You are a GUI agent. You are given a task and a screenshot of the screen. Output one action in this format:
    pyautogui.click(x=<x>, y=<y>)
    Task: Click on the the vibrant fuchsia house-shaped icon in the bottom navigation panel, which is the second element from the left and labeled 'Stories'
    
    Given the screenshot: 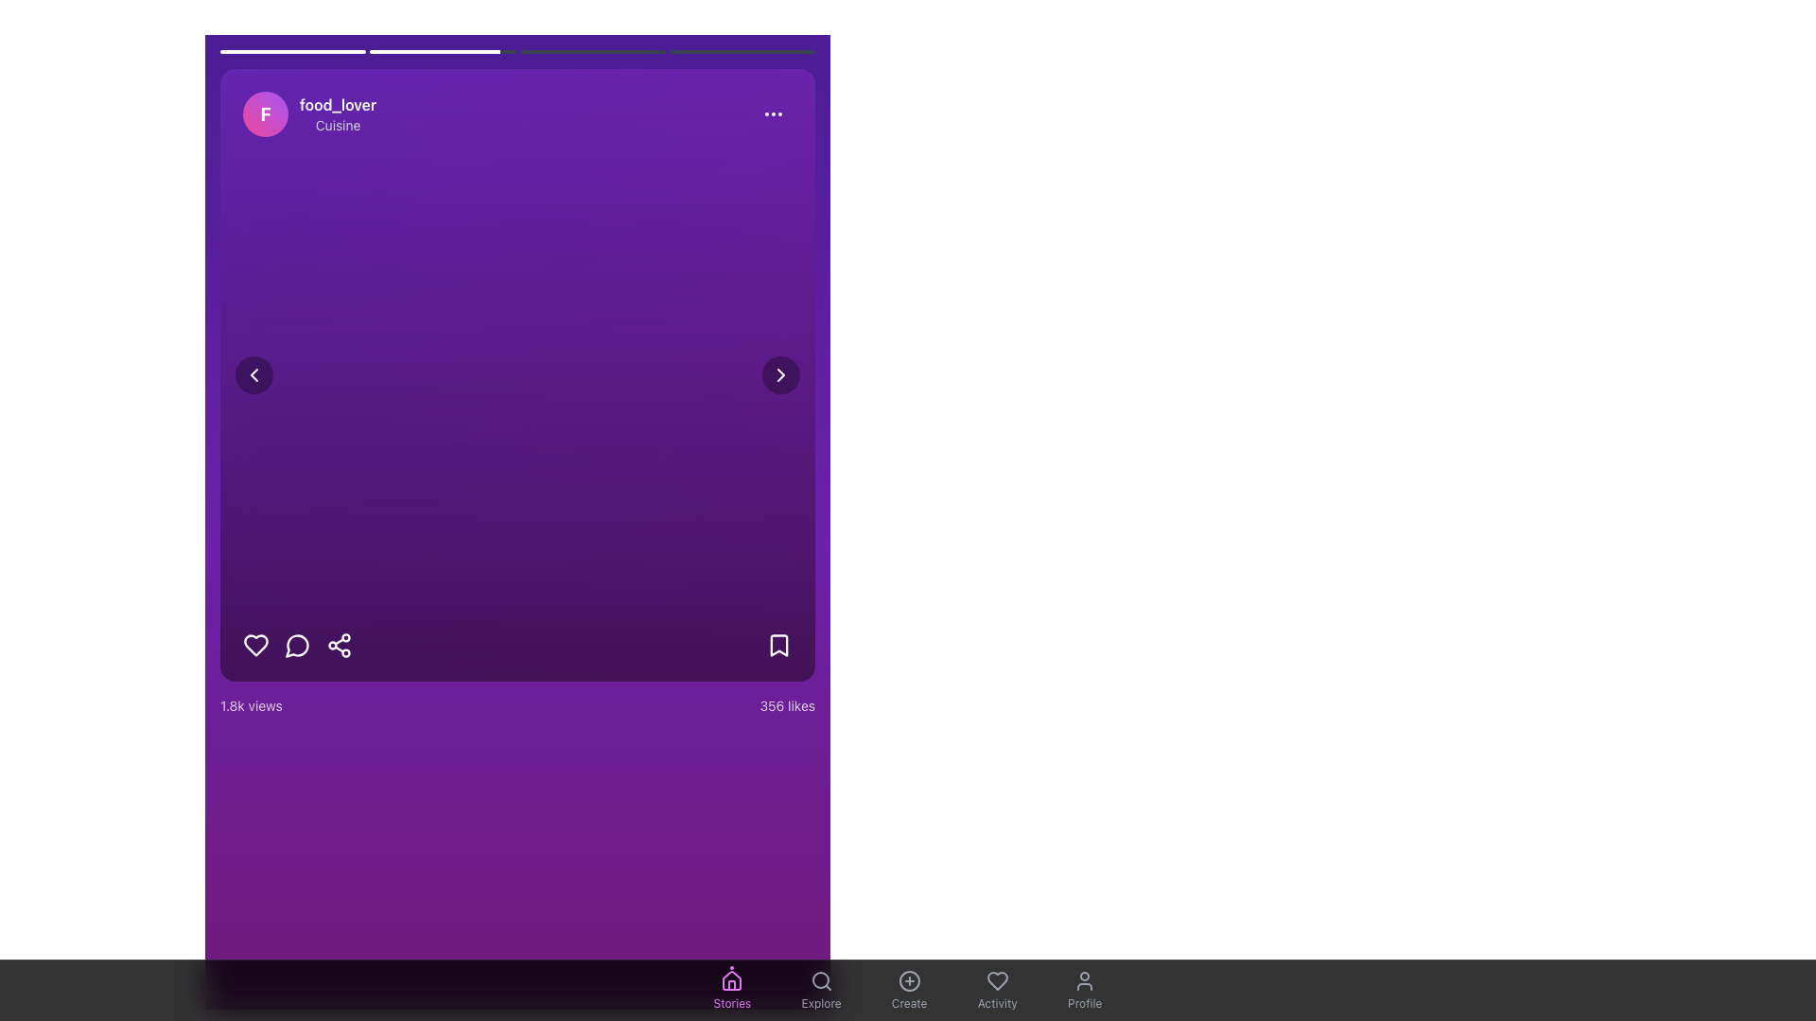 What is the action you would take?
    pyautogui.click(x=731, y=979)
    